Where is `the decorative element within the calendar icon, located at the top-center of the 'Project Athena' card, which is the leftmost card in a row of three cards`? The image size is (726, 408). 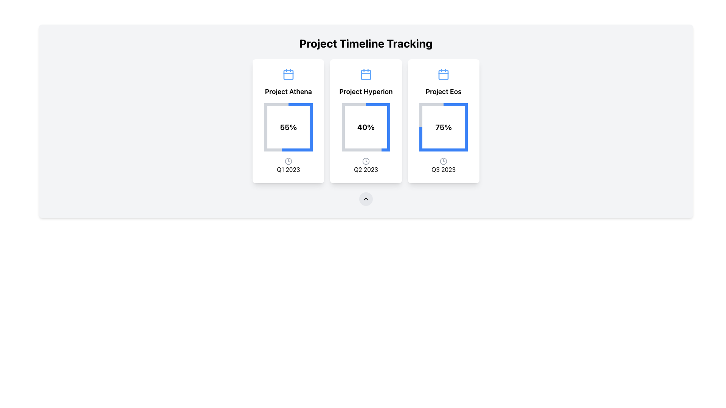 the decorative element within the calendar icon, located at the top-center of the 'Project Athena' card, which is the leftmost card in a row of three cards is located at coordinates (288, 75).